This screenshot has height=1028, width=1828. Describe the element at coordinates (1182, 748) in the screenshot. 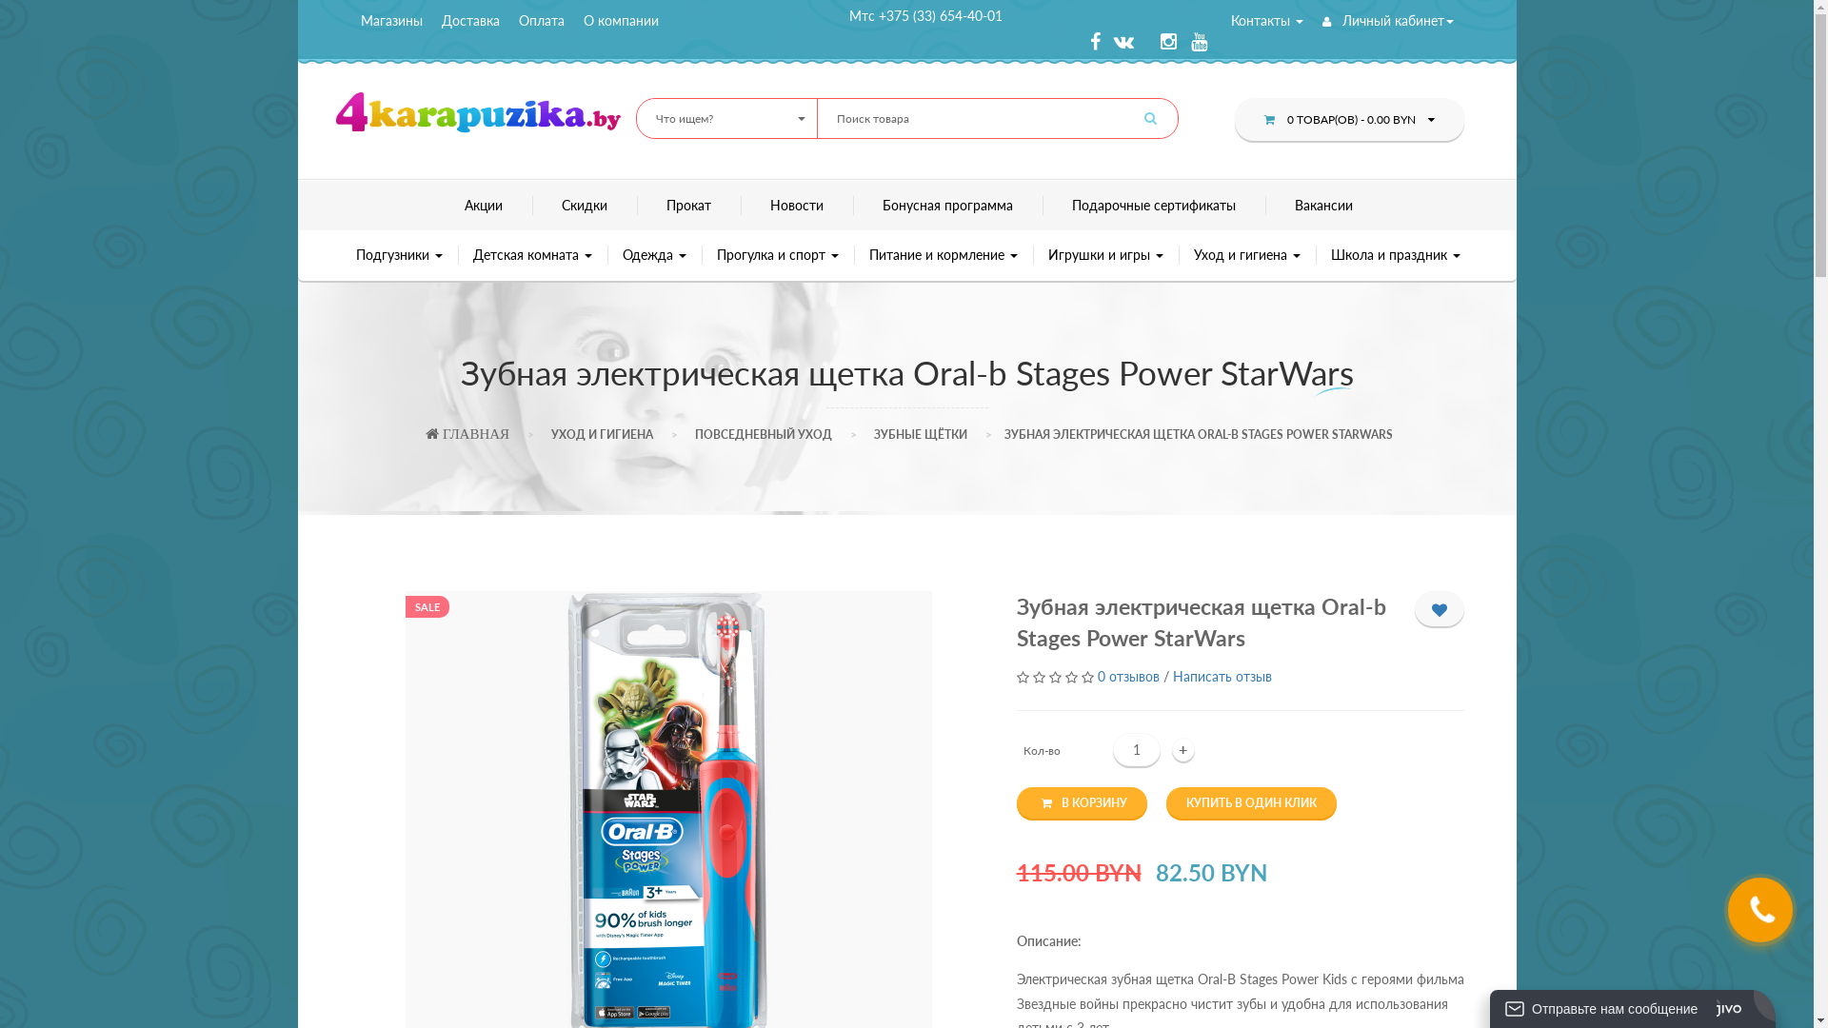

I see `'+'` at that location.